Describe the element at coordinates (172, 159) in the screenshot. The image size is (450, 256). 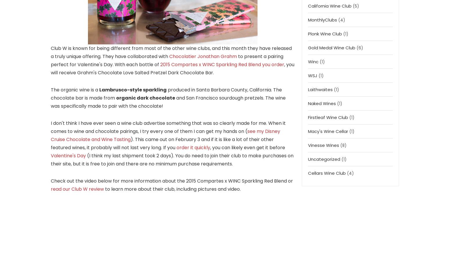
I see `'(I think my last shipment took 2 days). You do need to join their club to make purchases on their site, but it is free to join and there are no minimum purchase requirements.'` at that location.